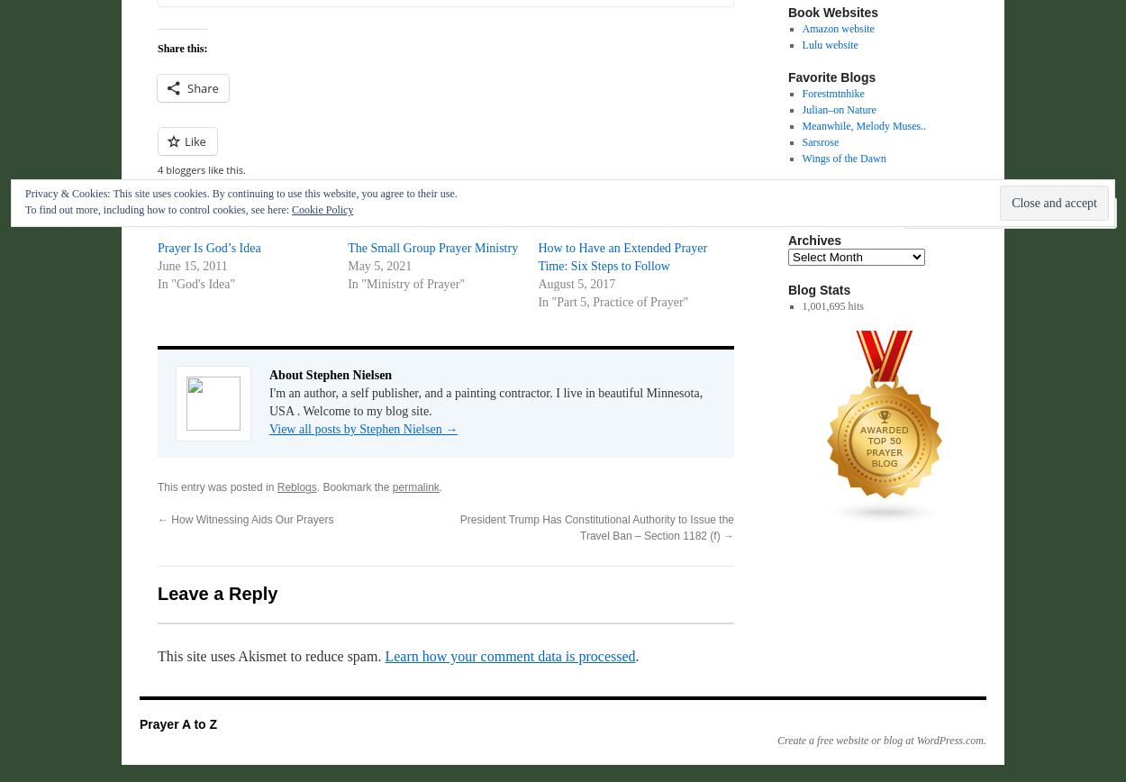  Describe the element at coordinates (832, 93) in the screenshot. I see `'Forestmtnhike'` at that location.